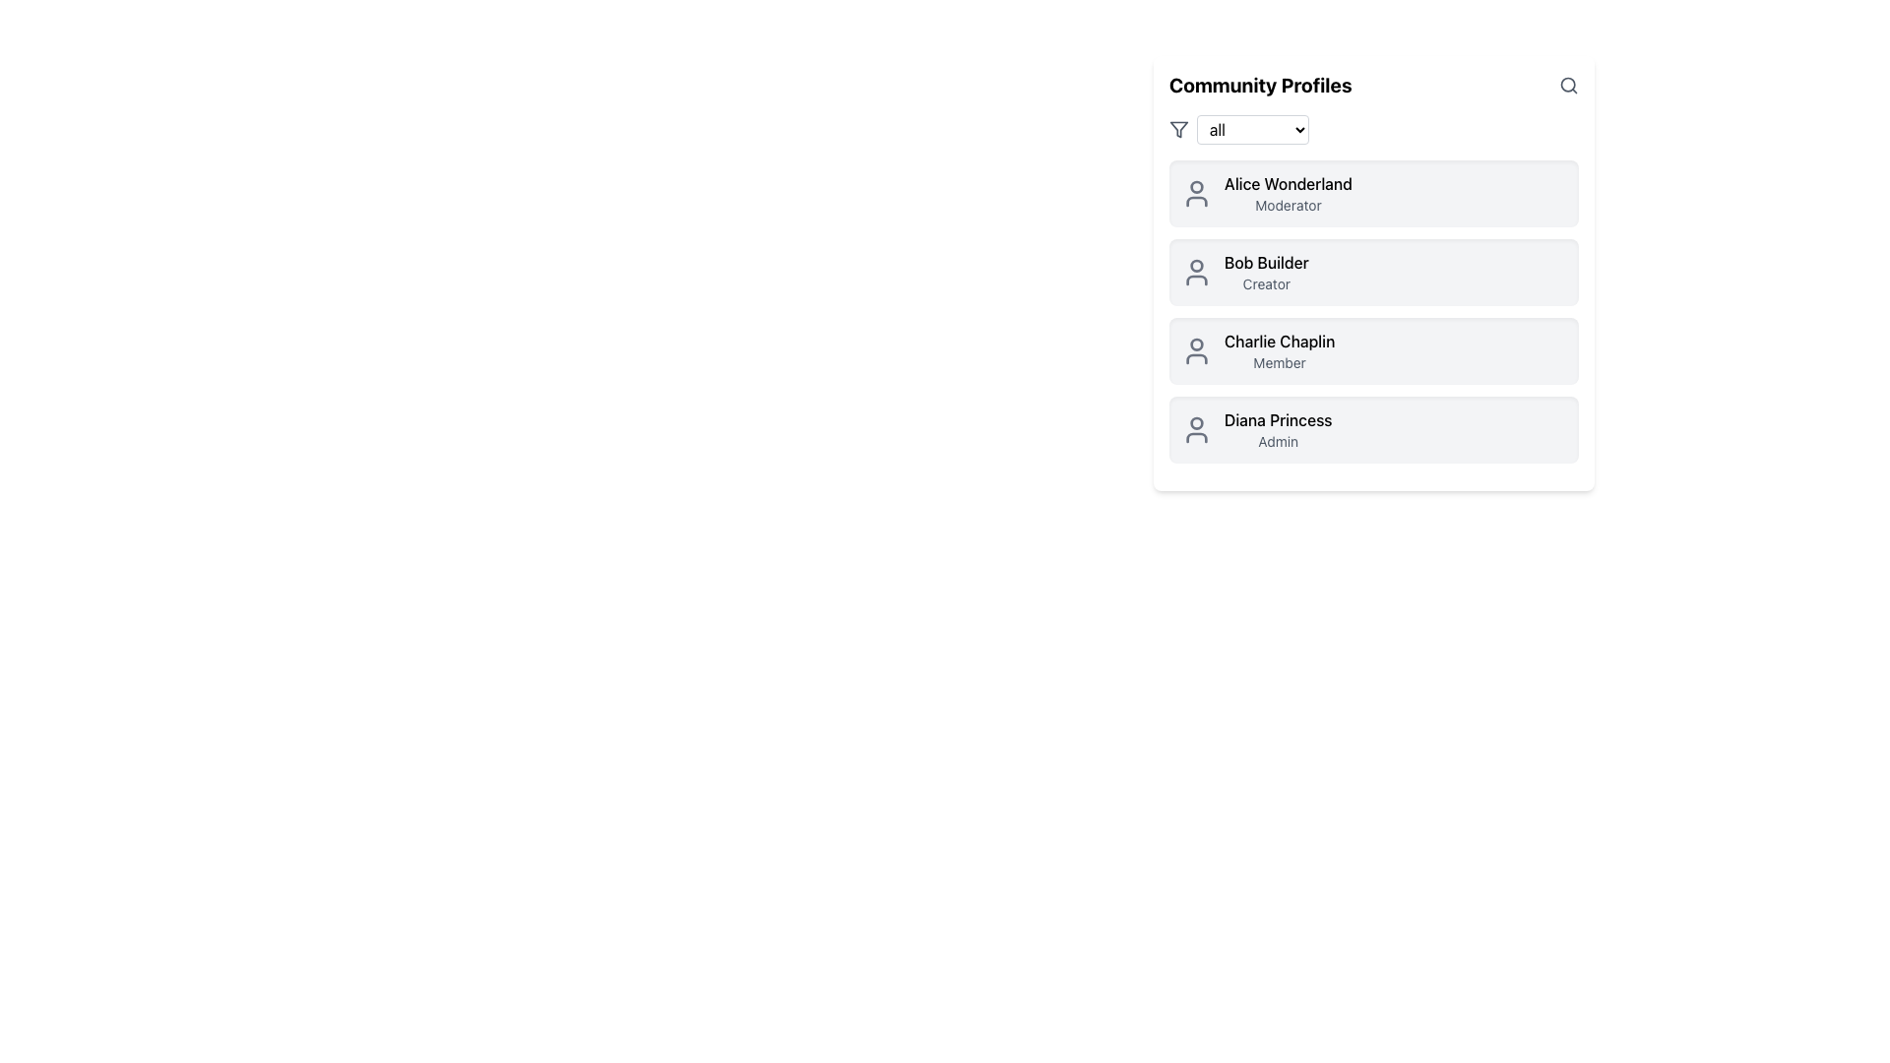 The width and height of the screenshot is (1890, 1063). Describe the element at coordinates (1266, 284) in the screenshot. I see `text label displaying 'Creator' that is located below 'Bob Builder' in the Community Profiles section` at that location.